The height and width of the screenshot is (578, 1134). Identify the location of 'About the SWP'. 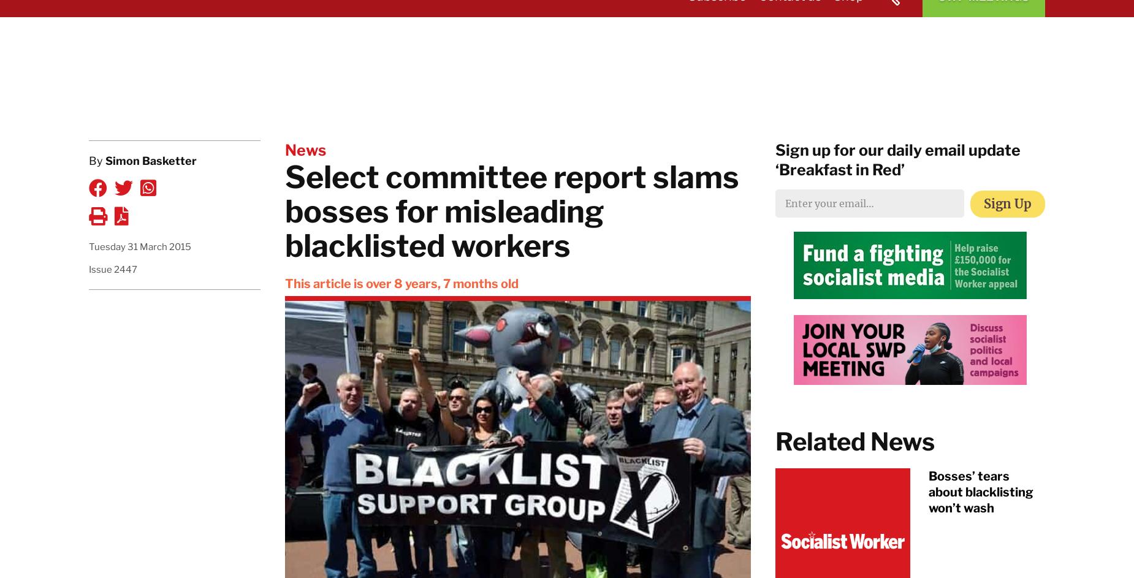
(778, 47).